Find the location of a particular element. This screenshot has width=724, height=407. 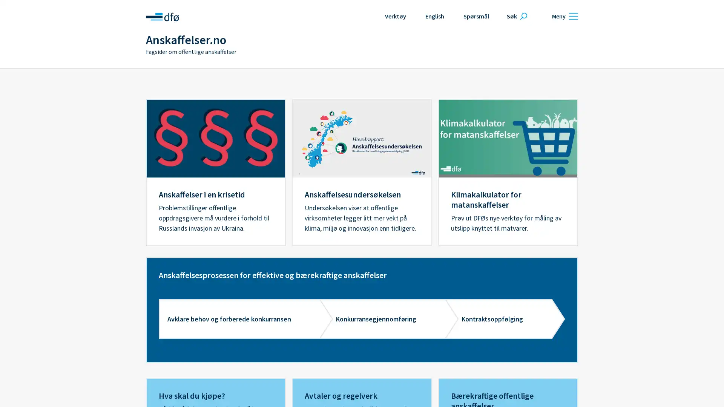

Sk is located at coordinates (515, 16).